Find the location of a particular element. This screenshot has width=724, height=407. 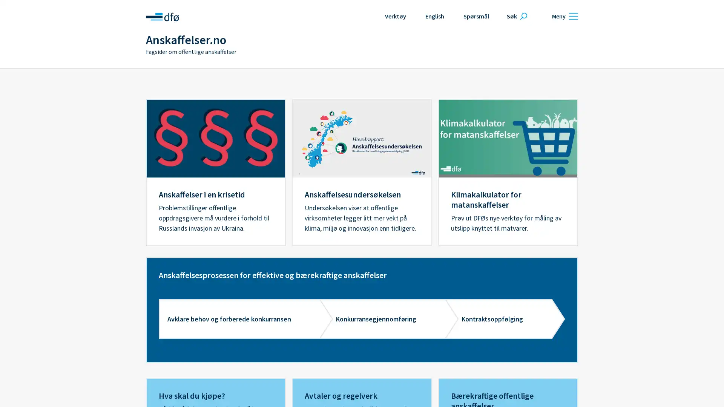

Sk is located at coordinates (515, 16).